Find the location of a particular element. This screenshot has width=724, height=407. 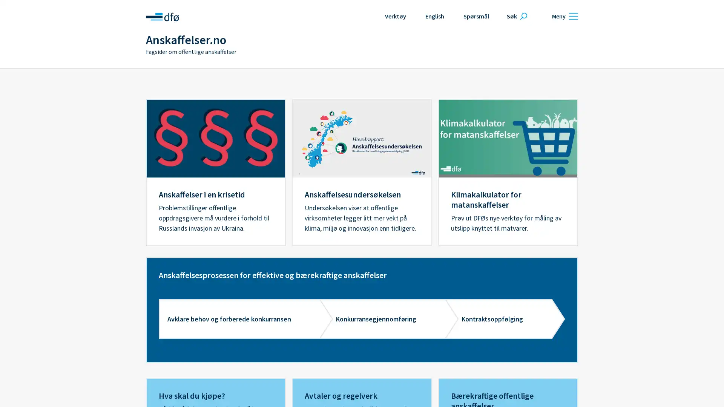

Sk is located at coordinates (515, 16).